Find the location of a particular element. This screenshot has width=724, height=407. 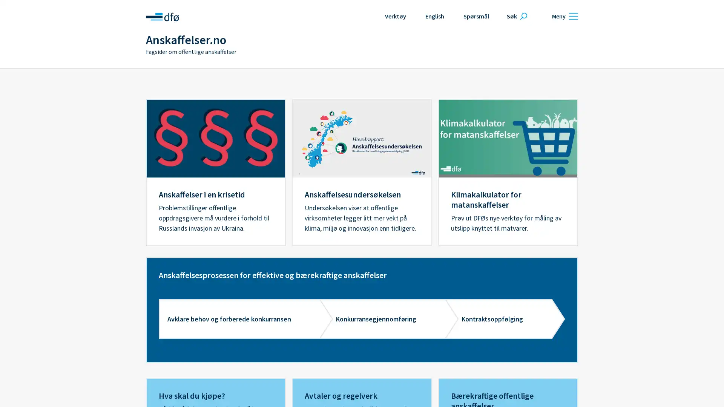

Sk is located at coordinates (515, 16).